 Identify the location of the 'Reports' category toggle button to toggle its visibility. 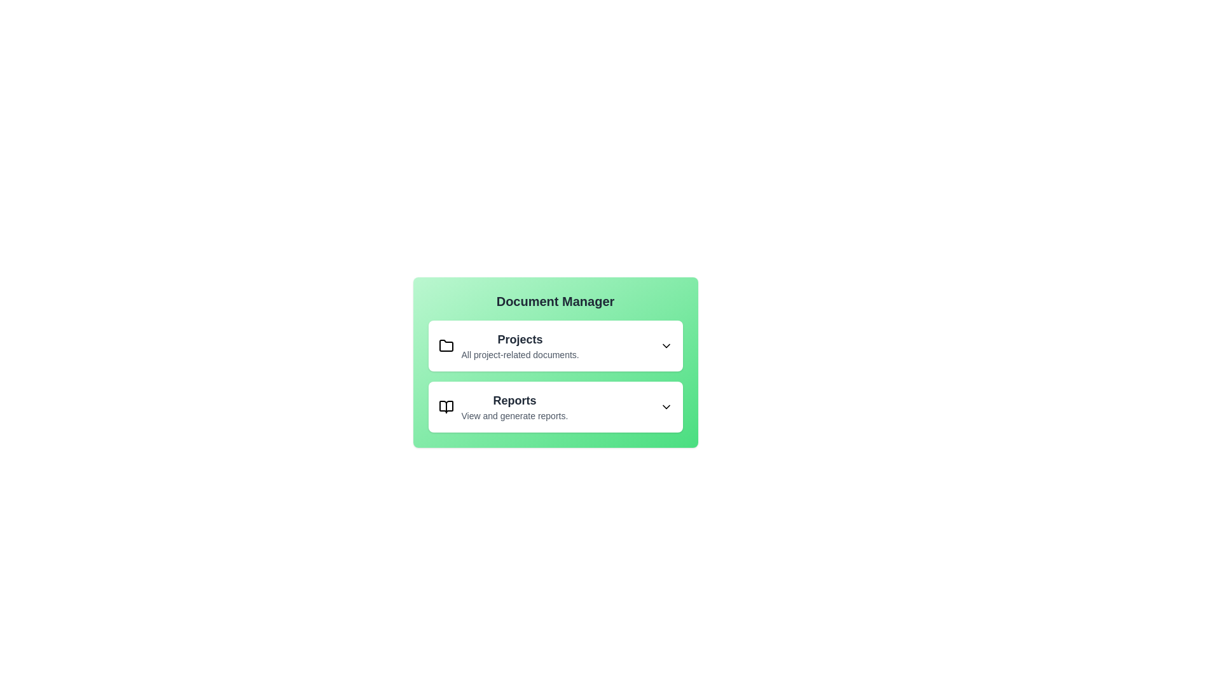
(555, 407).